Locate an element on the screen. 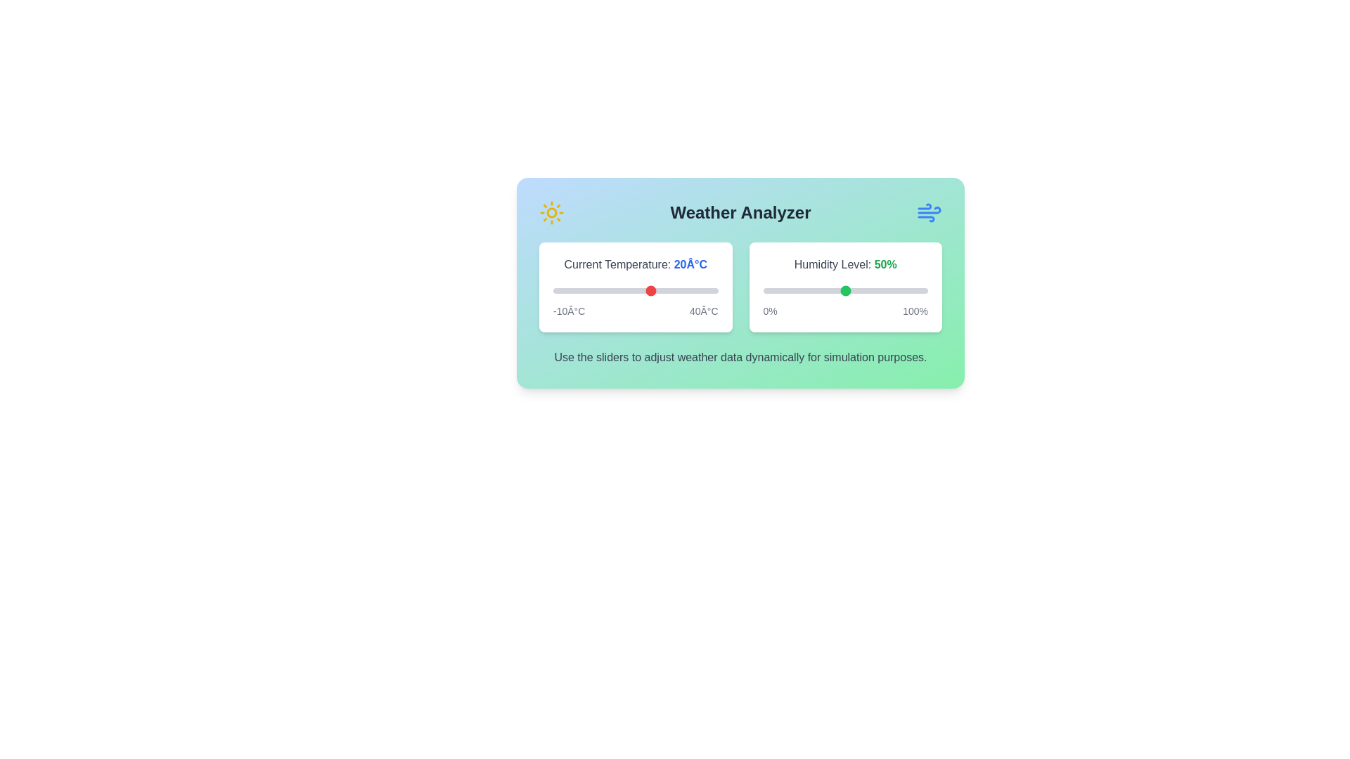 The width and height of the screenshot is (1350, 759). the temperature slider to 33°C is located at coordinates (695, 290).